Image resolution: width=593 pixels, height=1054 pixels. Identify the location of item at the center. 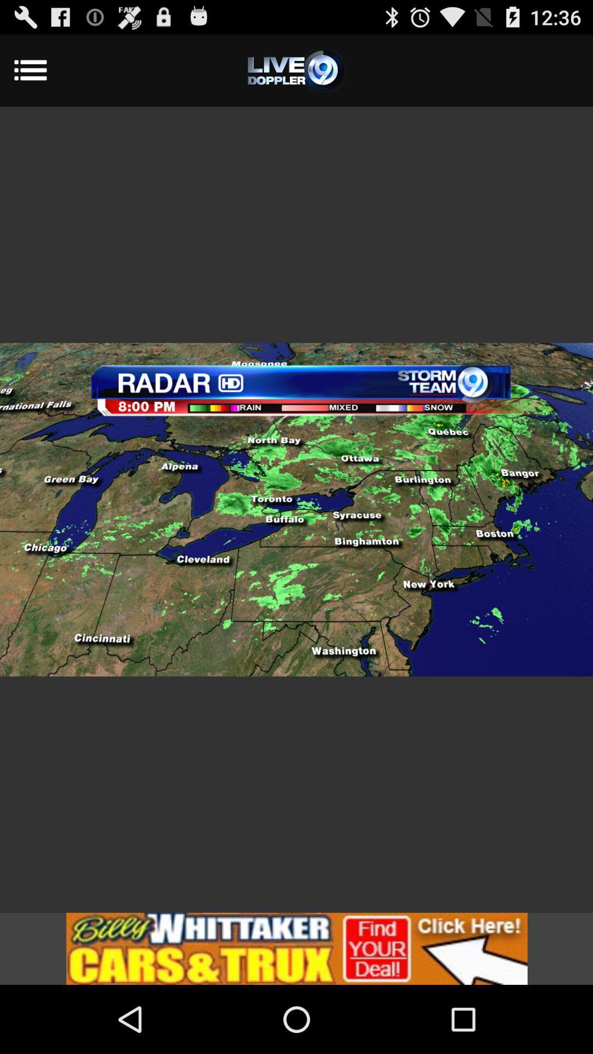
(296, 509).